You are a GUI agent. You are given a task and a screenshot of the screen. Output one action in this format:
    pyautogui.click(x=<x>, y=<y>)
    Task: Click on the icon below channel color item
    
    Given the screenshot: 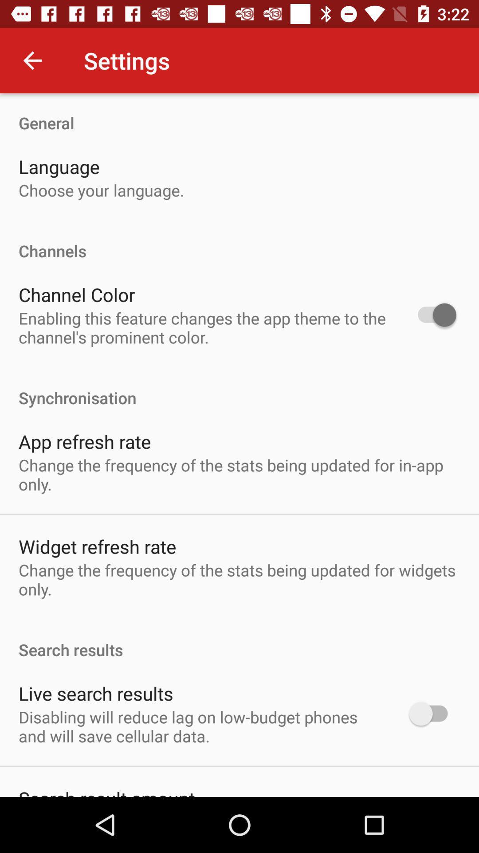 What is the action you would take?
    pyautogui.click(x=202, y=327)
    